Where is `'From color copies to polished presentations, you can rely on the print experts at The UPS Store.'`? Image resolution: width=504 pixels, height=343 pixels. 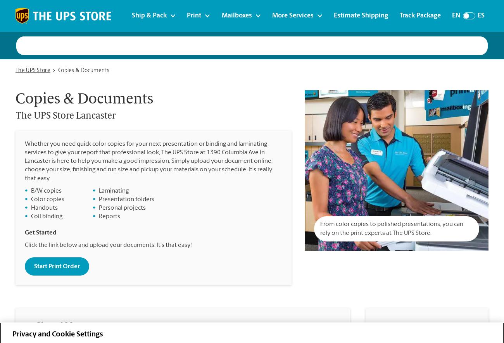 'From color copies to polished presentations, you can rely on the print experts at The UPS Store.' is located at coordinates (391, 229).